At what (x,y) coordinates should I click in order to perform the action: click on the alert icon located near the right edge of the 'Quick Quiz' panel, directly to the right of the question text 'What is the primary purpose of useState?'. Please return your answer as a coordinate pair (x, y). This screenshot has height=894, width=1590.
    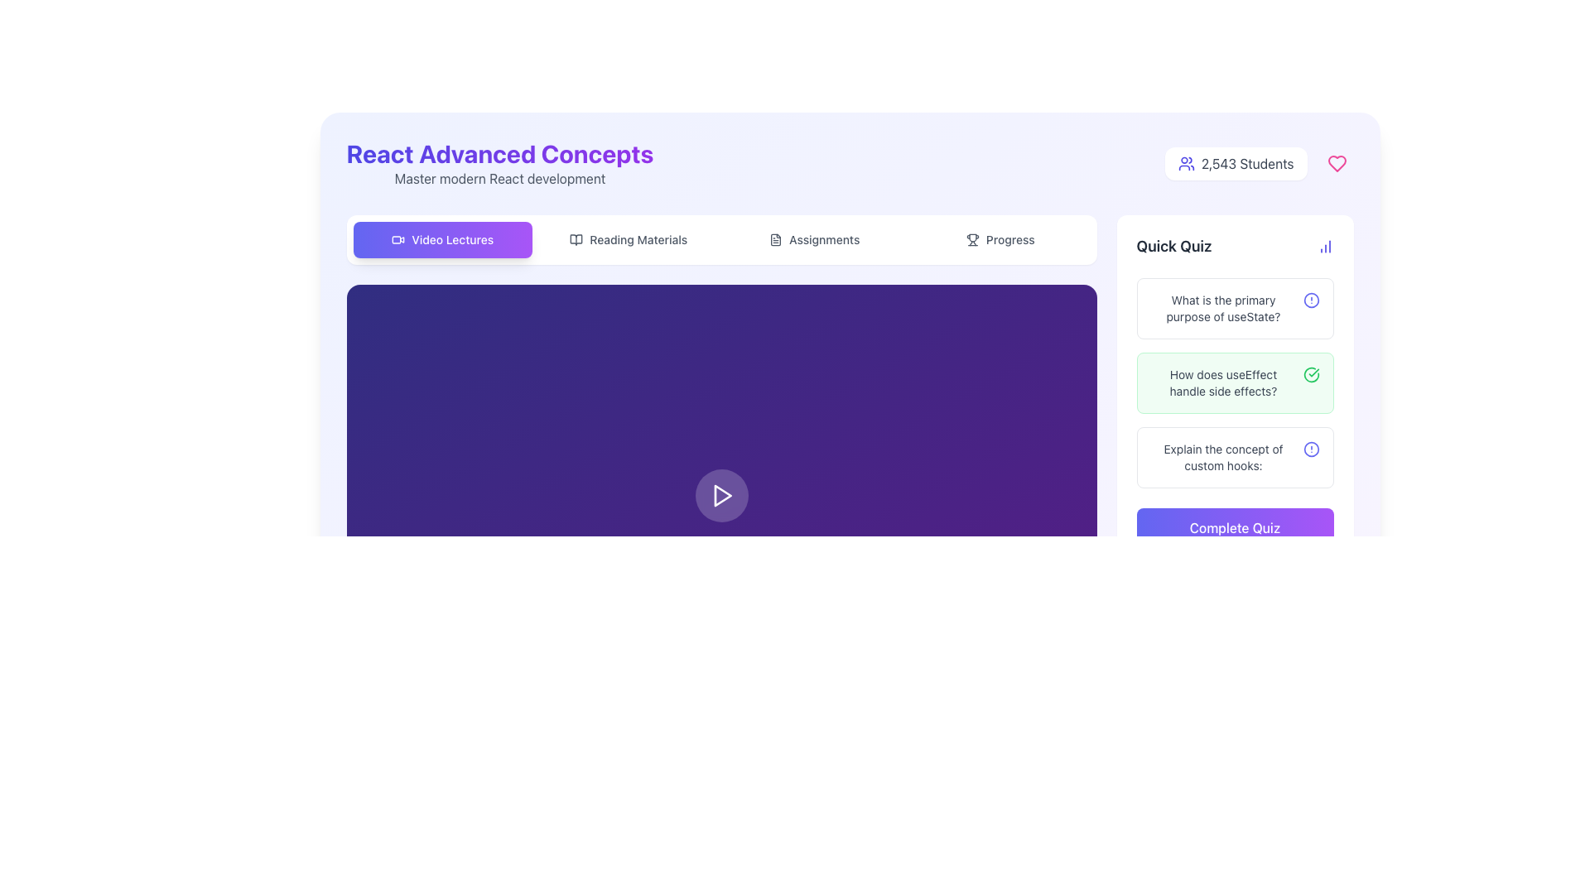
    Looking at the image, I should click on (1310, 300).